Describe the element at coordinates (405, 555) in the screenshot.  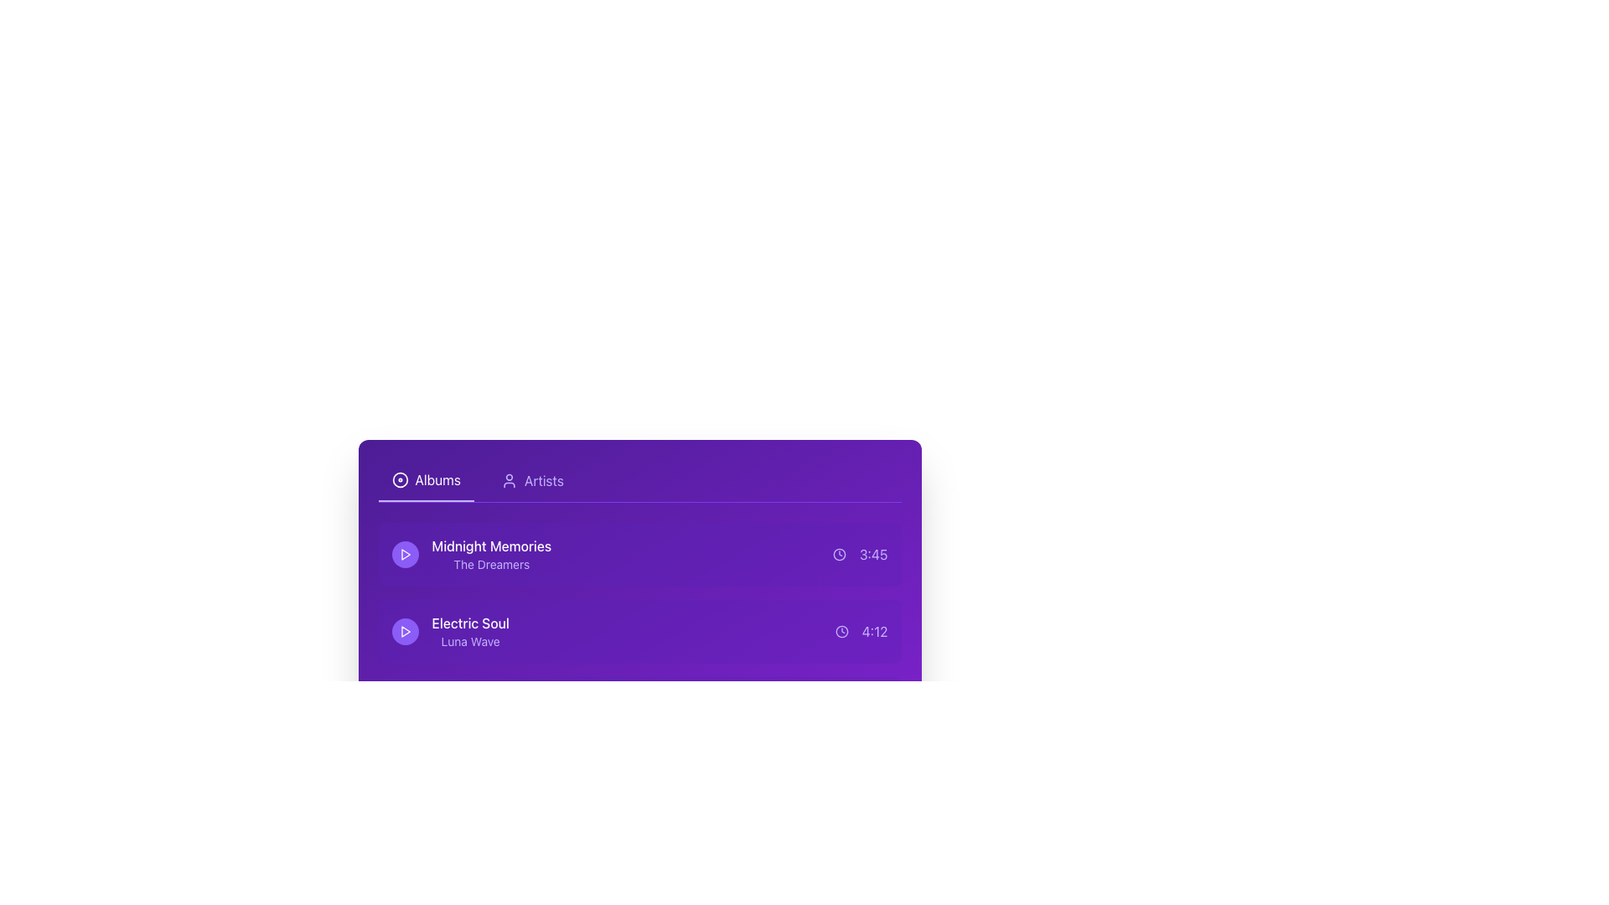
I see `the play button for the media item titled 'Midnight Memories' by 'The Dreamers' to initiate playback` at that location.